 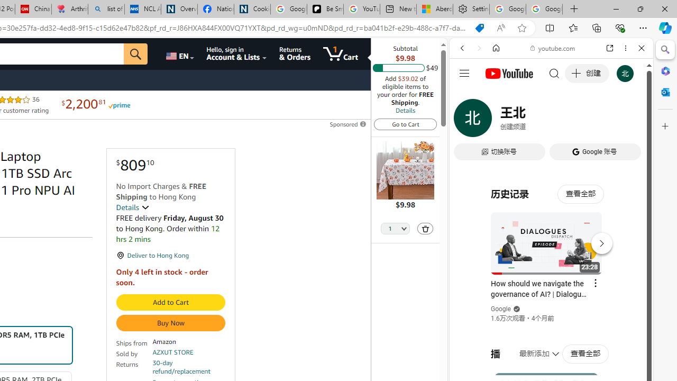 I want to click on 'Add this page to favorites (Ctrl+D)', so click(x=522, y=28).